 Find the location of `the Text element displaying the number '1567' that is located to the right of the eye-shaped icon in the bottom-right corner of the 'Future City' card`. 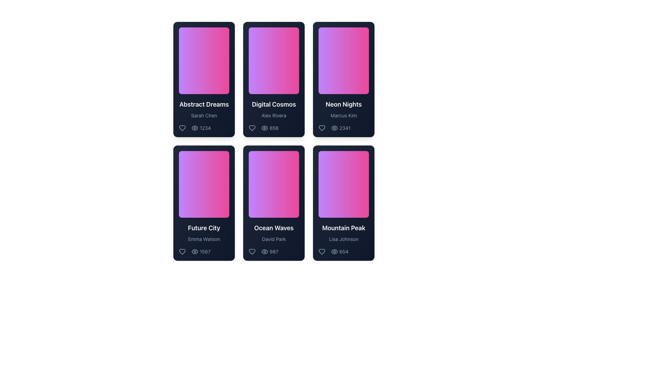

the Text element displaying the number '1567' that is located to the right of the eye-shaped icon in the bottom-right corner of the 'Future City' card is located at coordinates (204, 252).